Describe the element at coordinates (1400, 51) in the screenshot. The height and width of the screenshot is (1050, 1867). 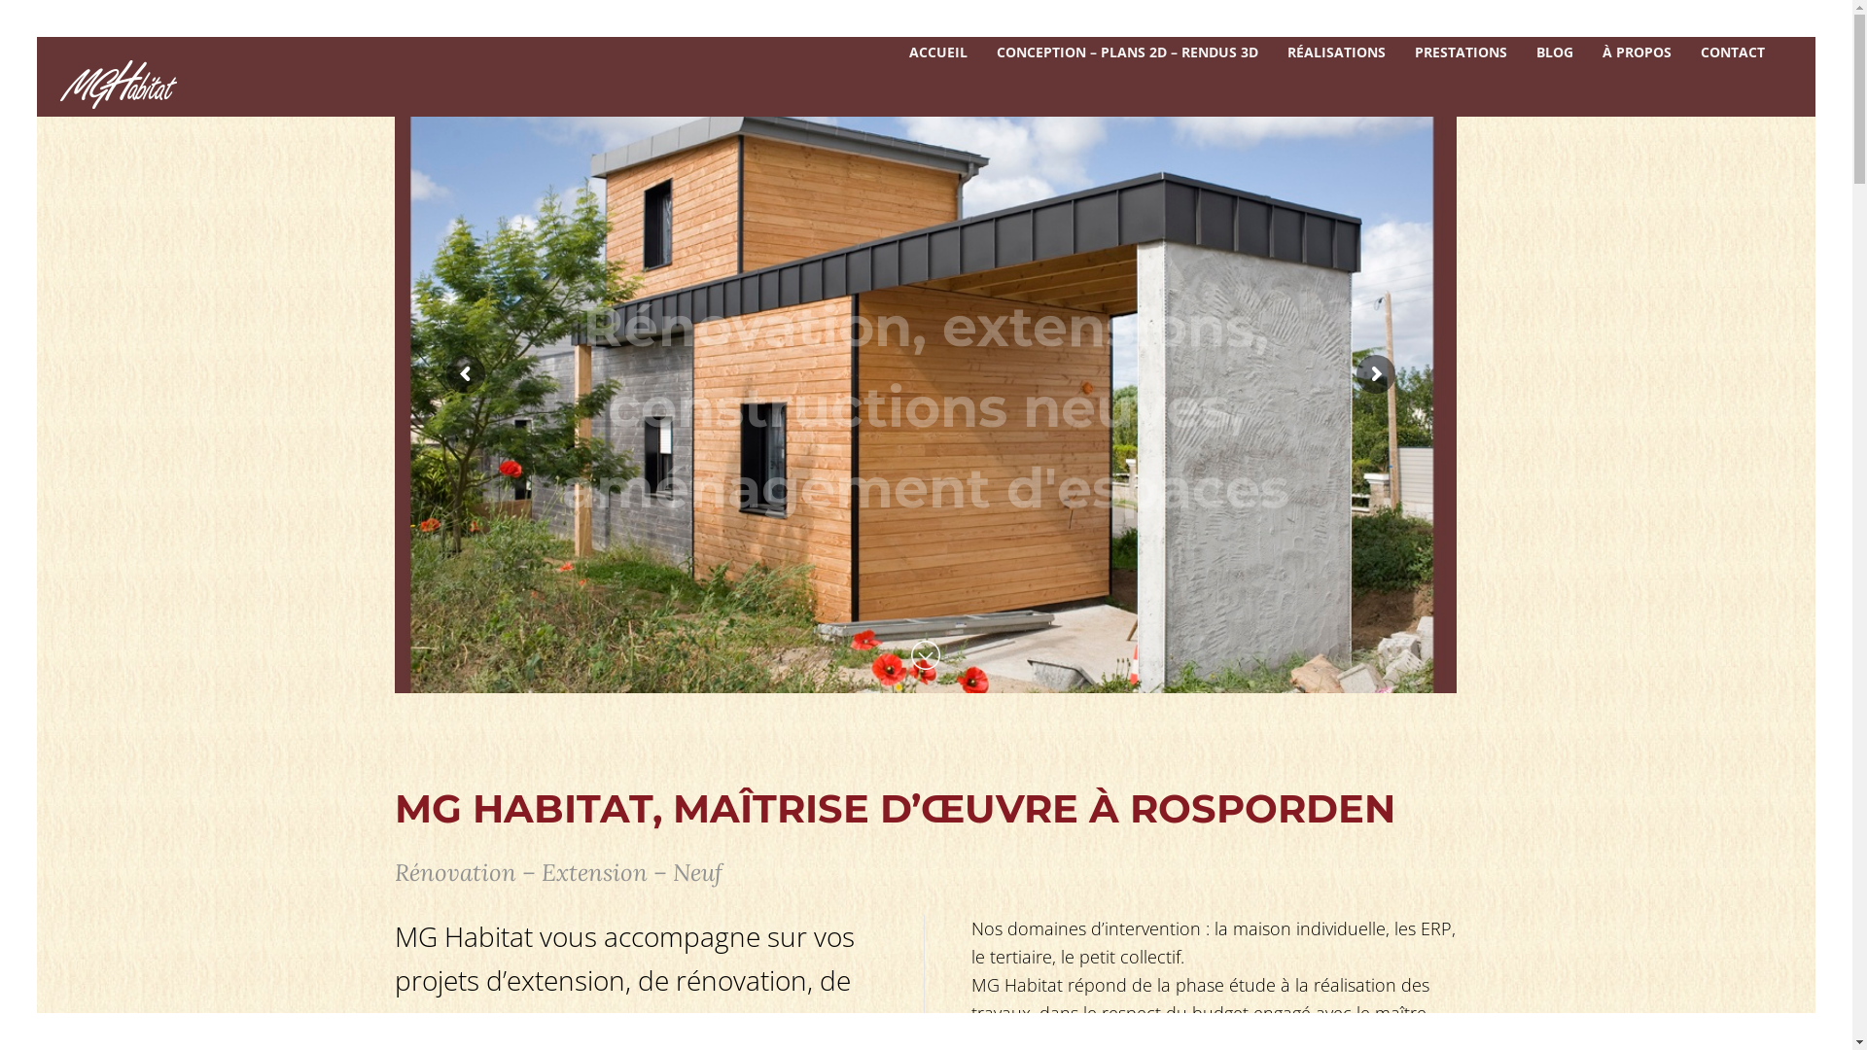
I see `'PRESTATIONS'` at that location.